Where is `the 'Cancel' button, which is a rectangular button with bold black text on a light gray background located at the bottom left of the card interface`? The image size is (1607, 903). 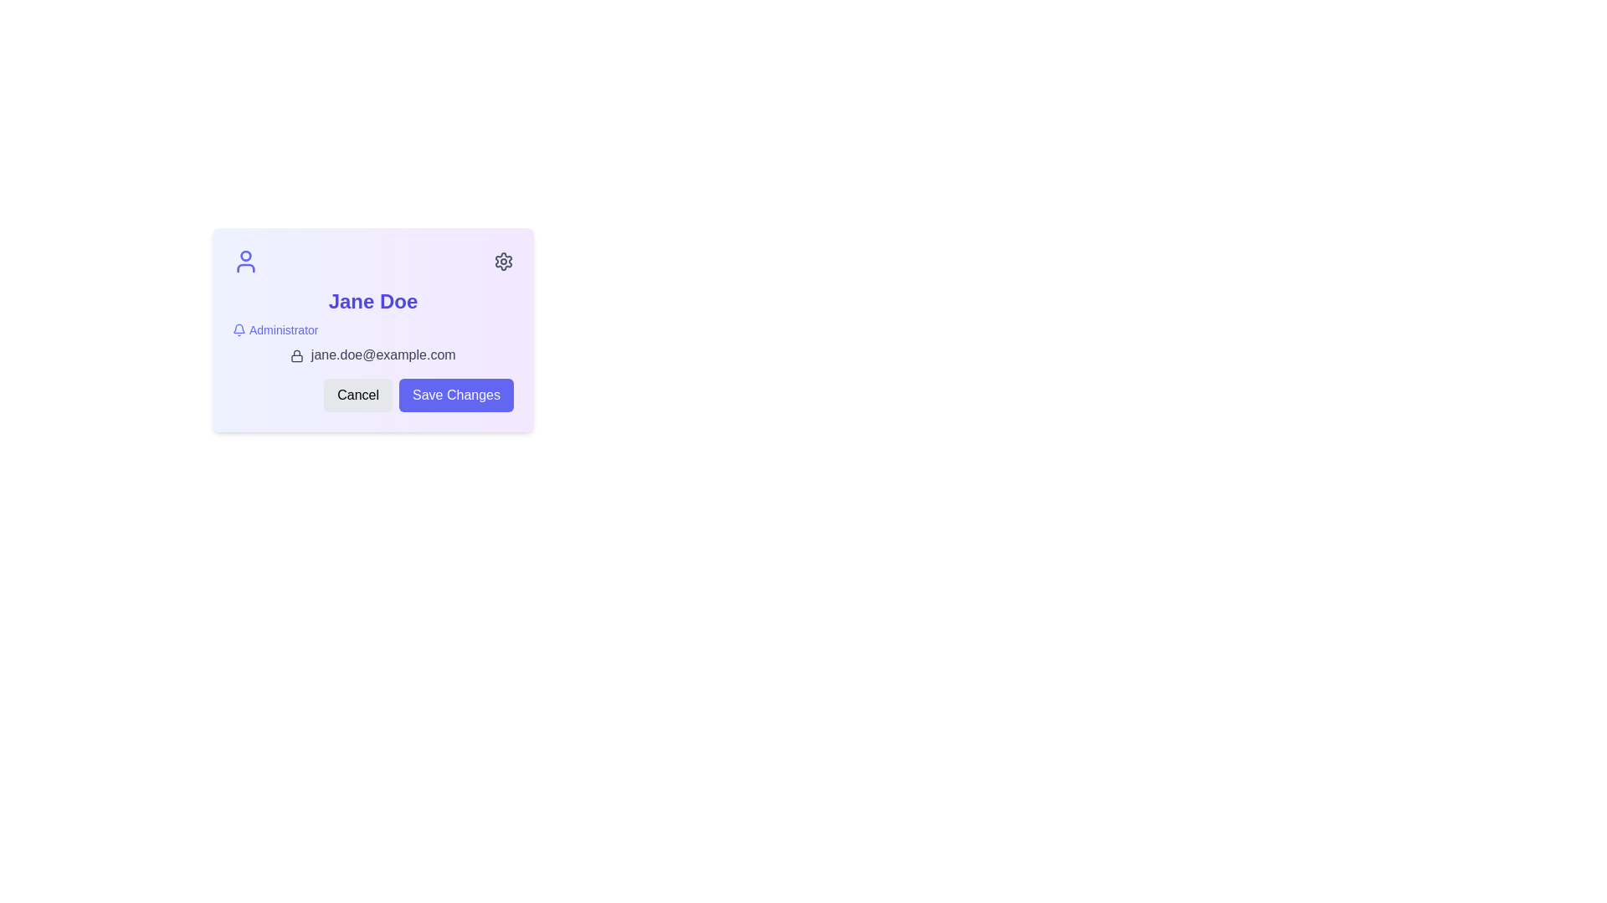
the 'Cancel' button, which is a rectangular button with bold black text on a light gray background located at the bottom left of the card interface is located at coordinates (357, 395).